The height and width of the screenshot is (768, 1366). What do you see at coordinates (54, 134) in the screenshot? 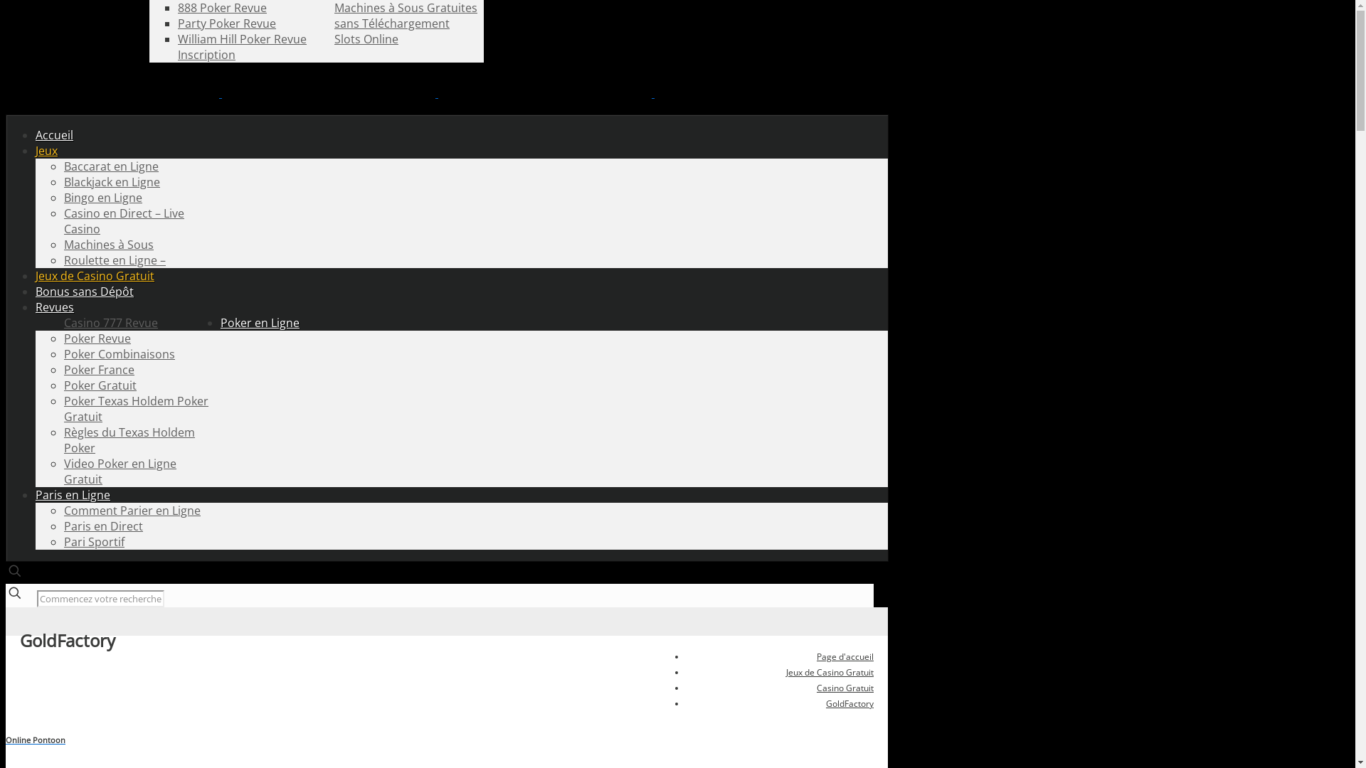
I see `'Accueil'` at bounding box center [54, 134].